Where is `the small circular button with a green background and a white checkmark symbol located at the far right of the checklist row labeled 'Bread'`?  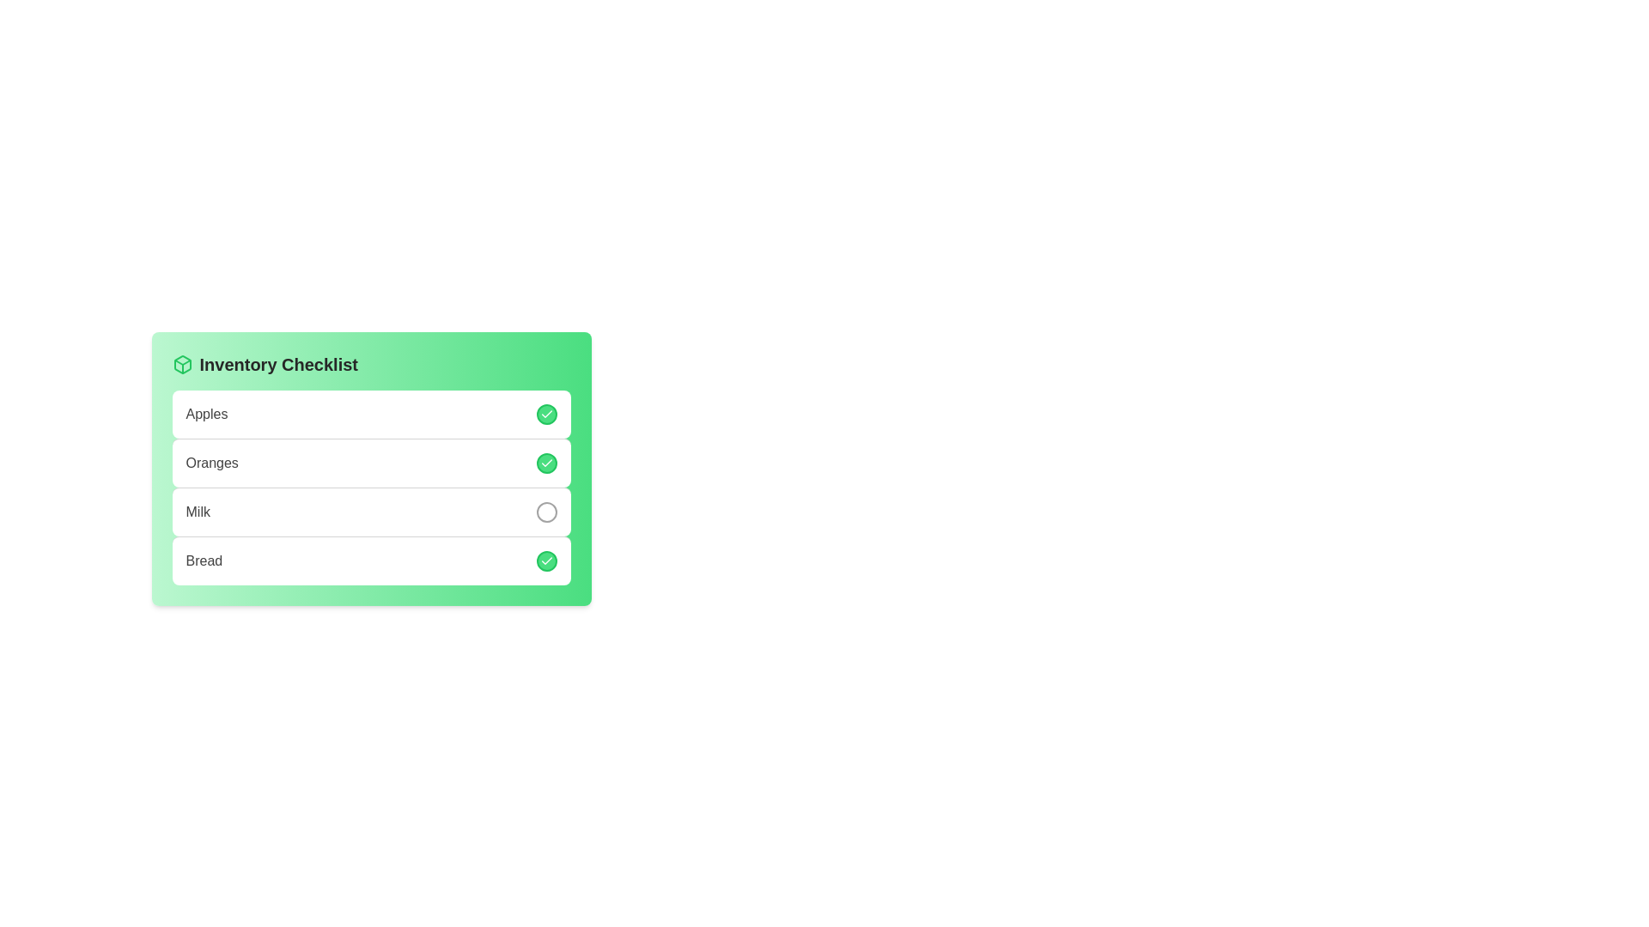
the small circular button with a green background and a white checkmark symbol located at the far right of the checklist row labeled 'Bread' is located at coordinates (545, 561).